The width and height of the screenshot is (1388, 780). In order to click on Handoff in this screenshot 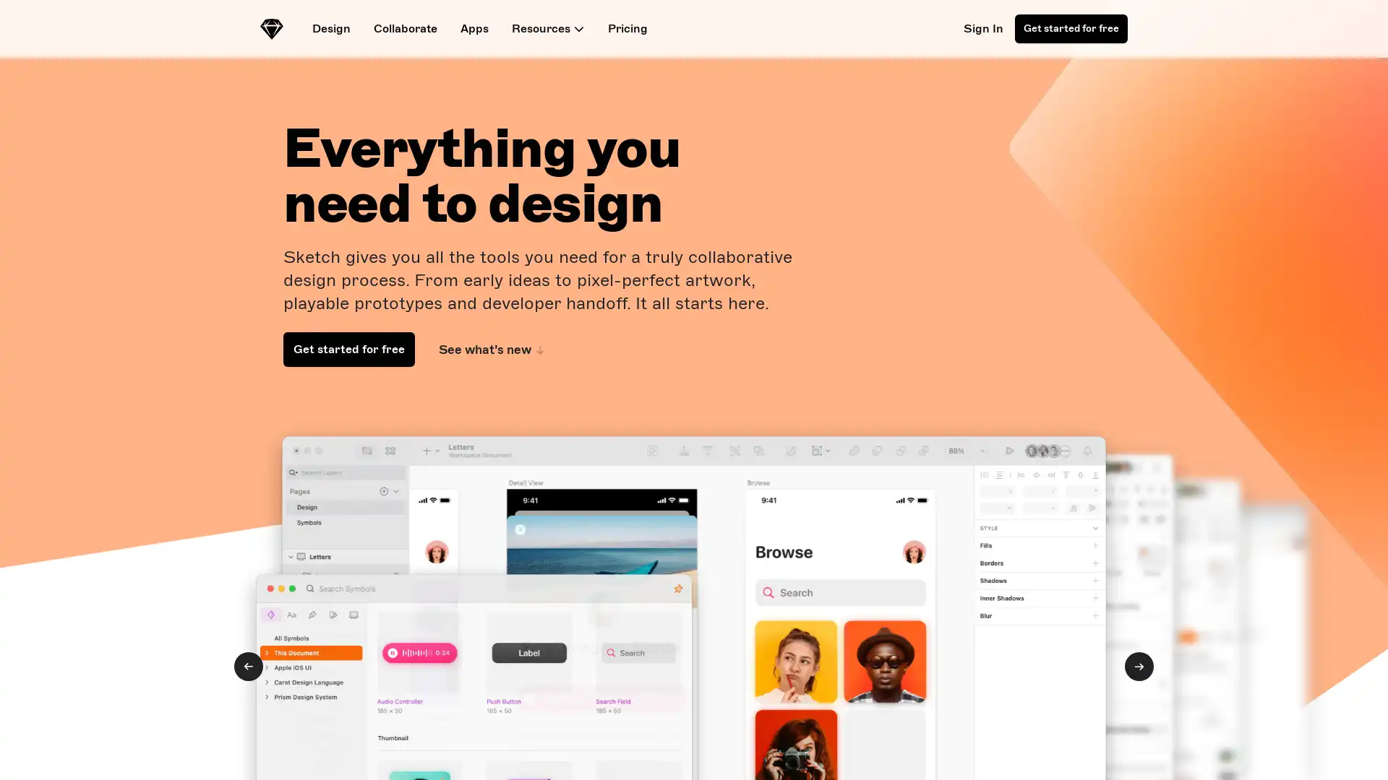, I will do `click(249, 666)`.